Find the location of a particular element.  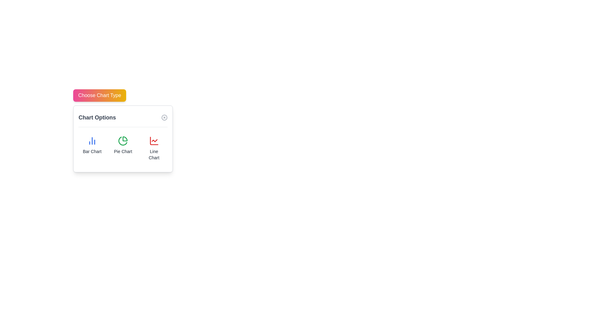

the icon representing the bar chart type located within the 'Chart Options' panel is located at coordinates (92, 141).